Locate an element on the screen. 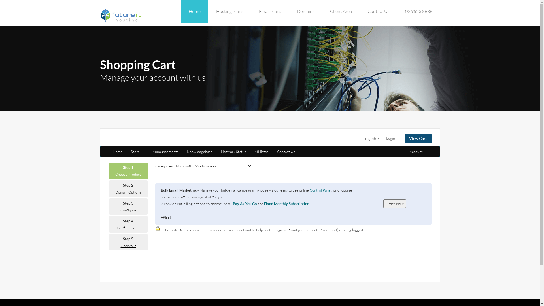 The height and width of the screenshot is (306, 544). 'Choose Product' is located at coordinates (128, 174).